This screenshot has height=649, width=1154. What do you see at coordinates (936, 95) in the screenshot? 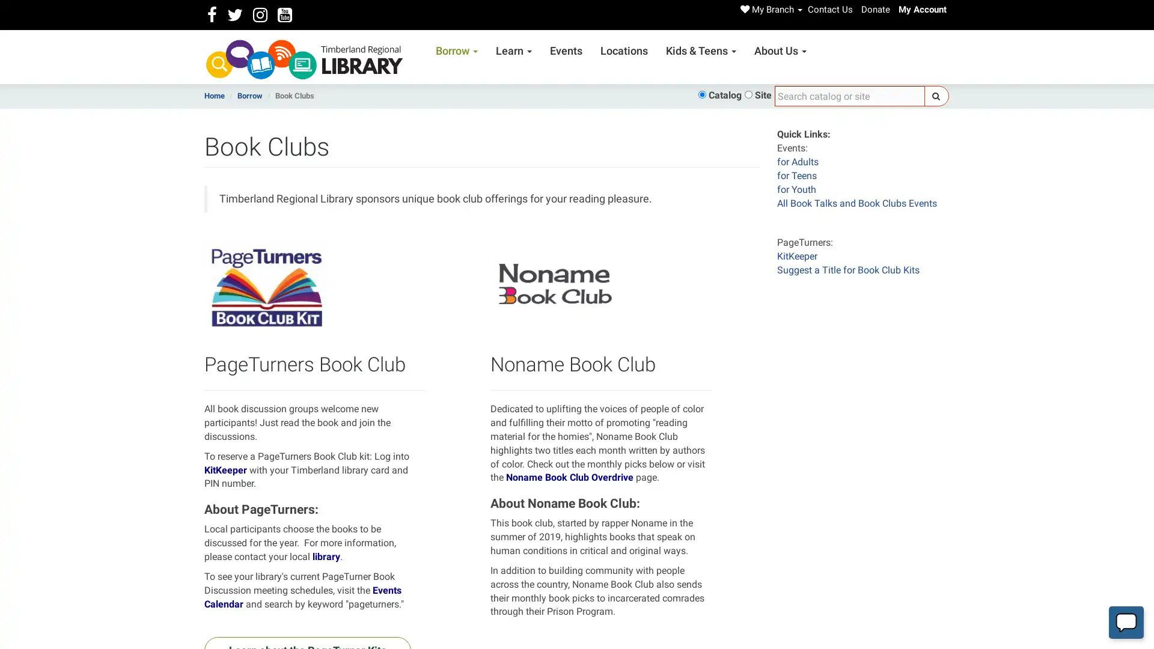
I see `Search` at bounding box center [936, 95].